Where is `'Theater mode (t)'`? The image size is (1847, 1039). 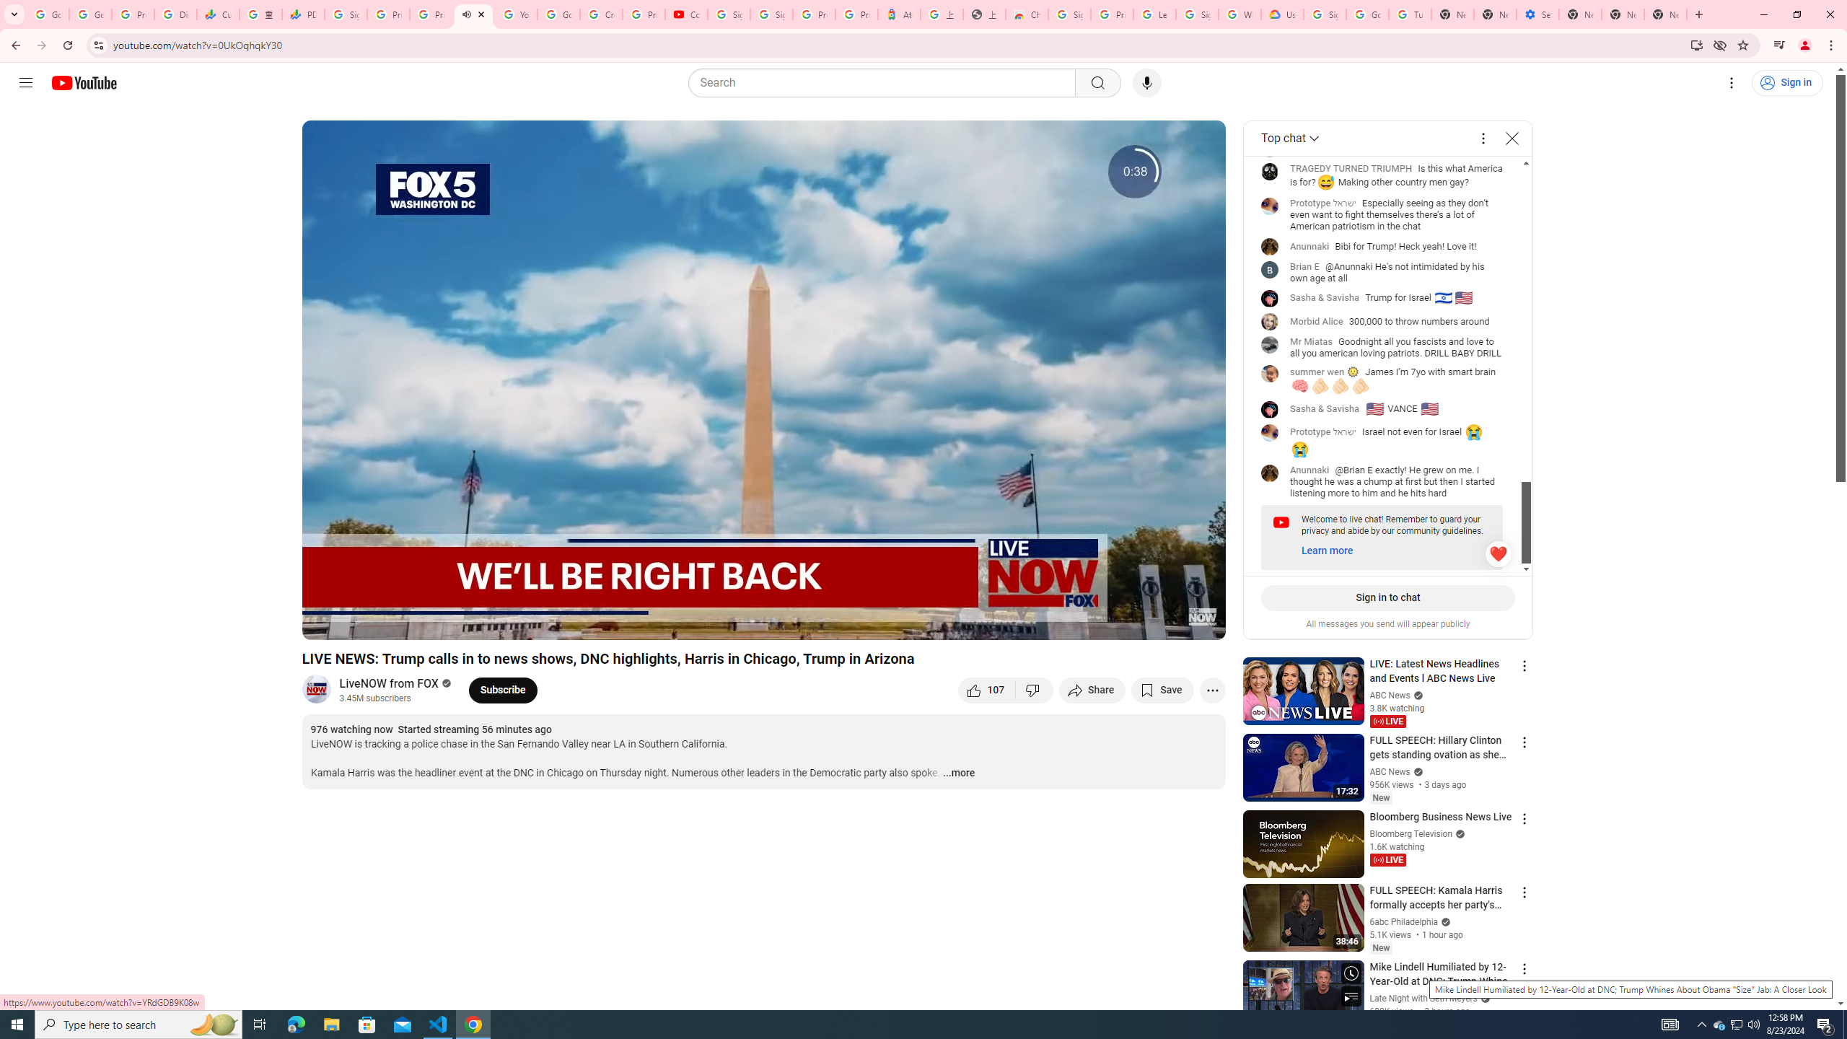
'Theater mode (t)' is located at coordinates (1164, 622).